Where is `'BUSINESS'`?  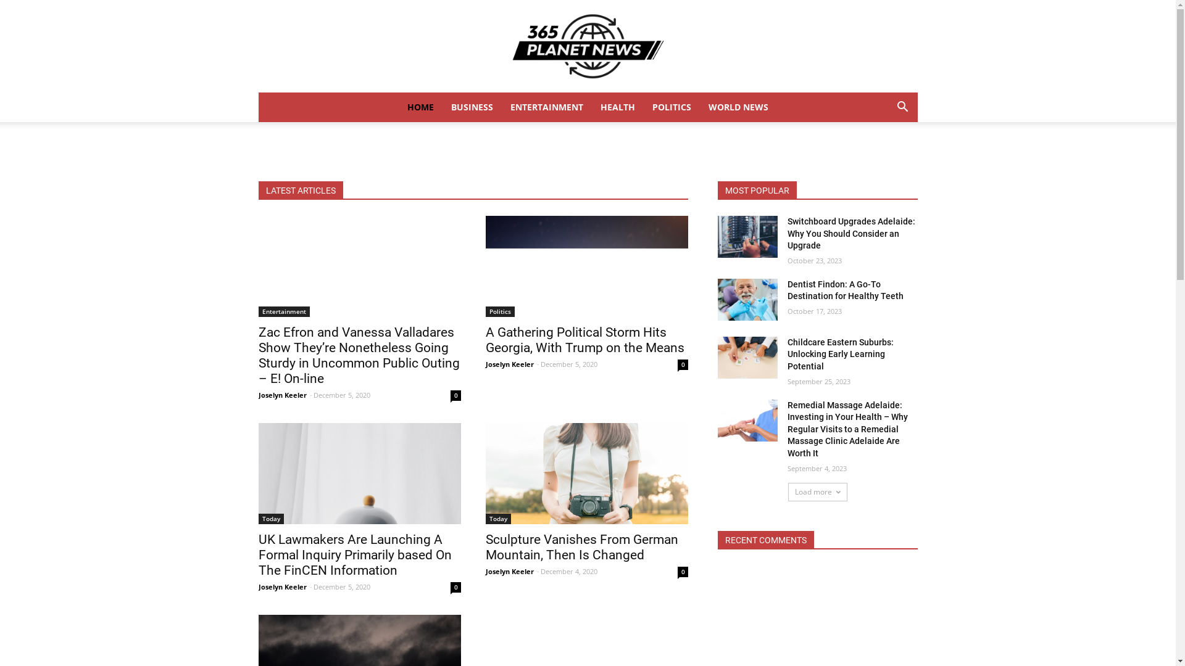 'BUSINESS' is located at coordinates (471, 106).